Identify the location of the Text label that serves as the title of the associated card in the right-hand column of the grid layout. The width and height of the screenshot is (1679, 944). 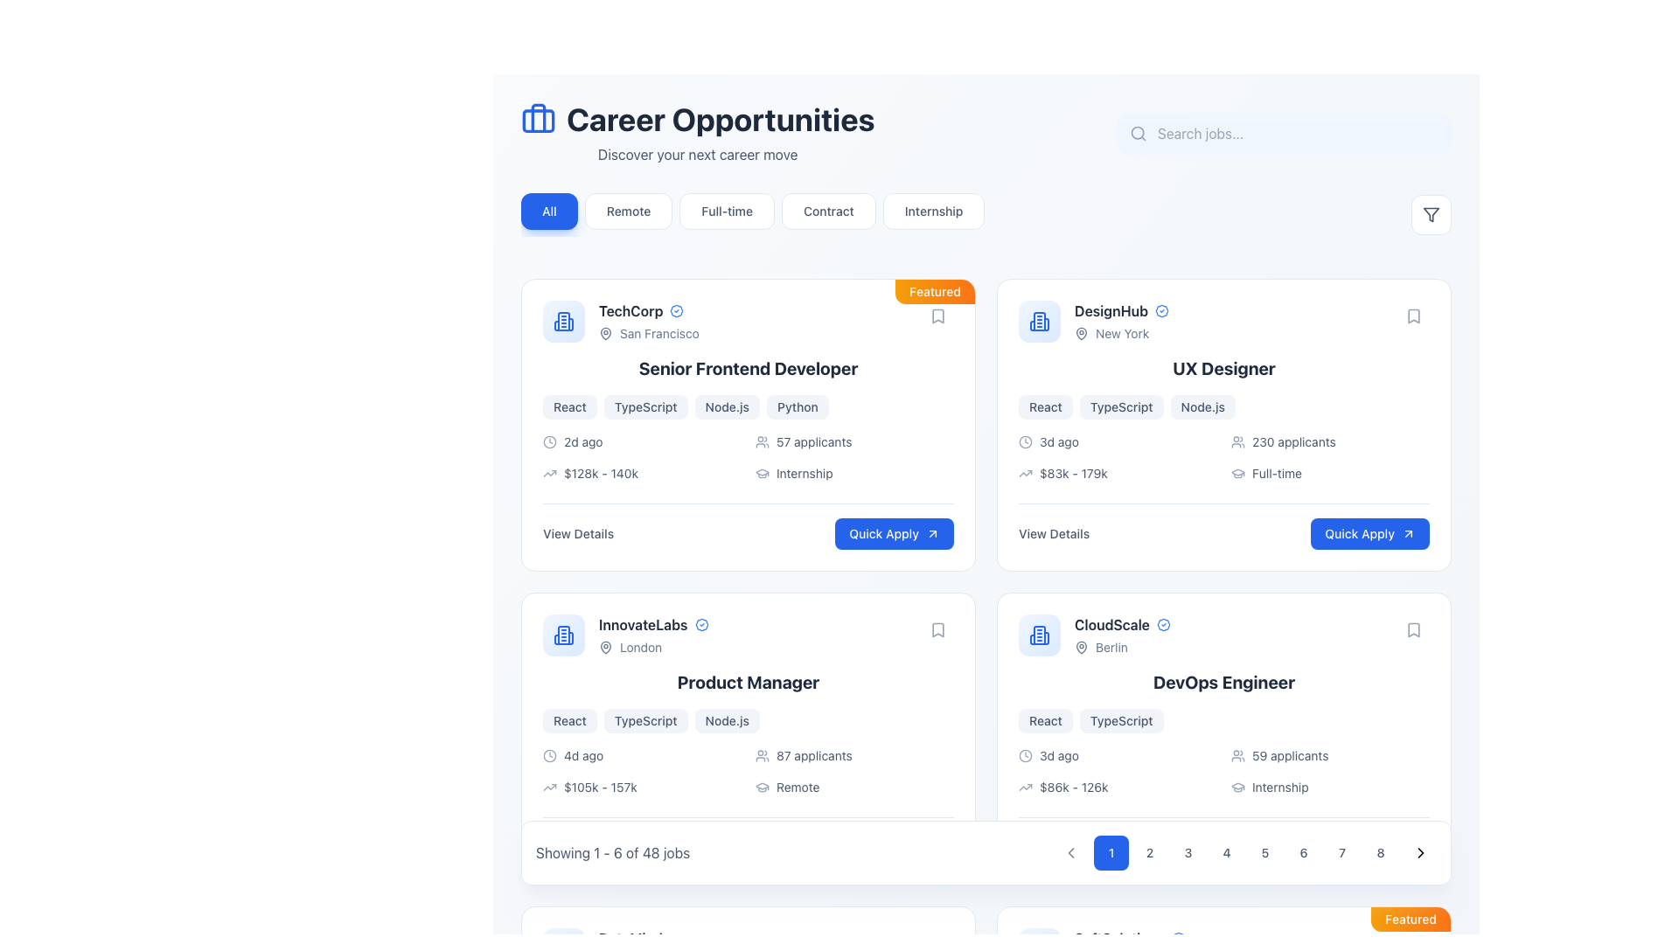
(1111, 309).